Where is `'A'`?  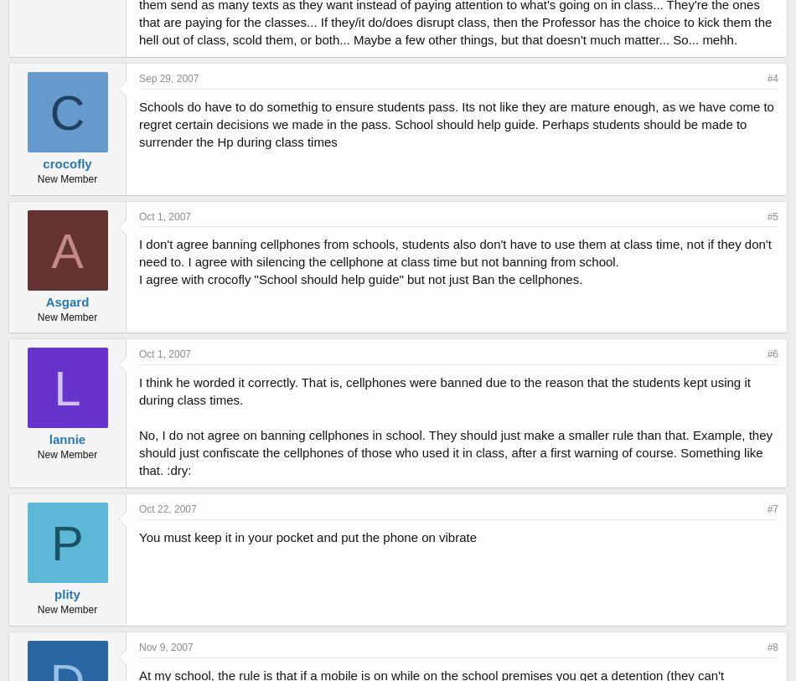
'A' is located at coordinates (50, 250).